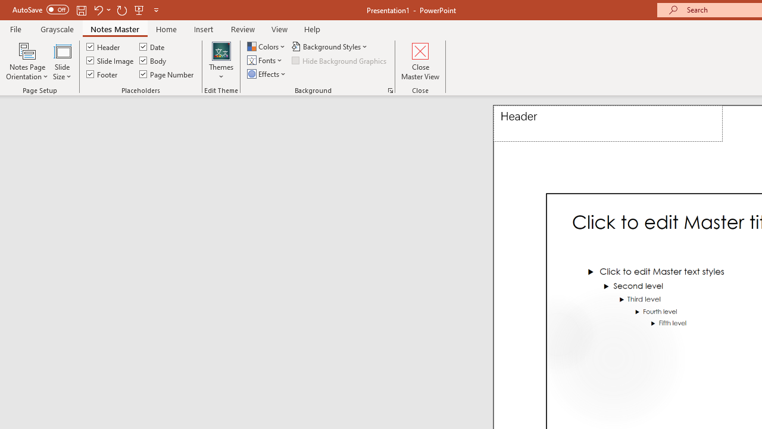 This screenshot has width=762, height=429. I want to click on 'Notes Page Orientation', so click(27, 61).